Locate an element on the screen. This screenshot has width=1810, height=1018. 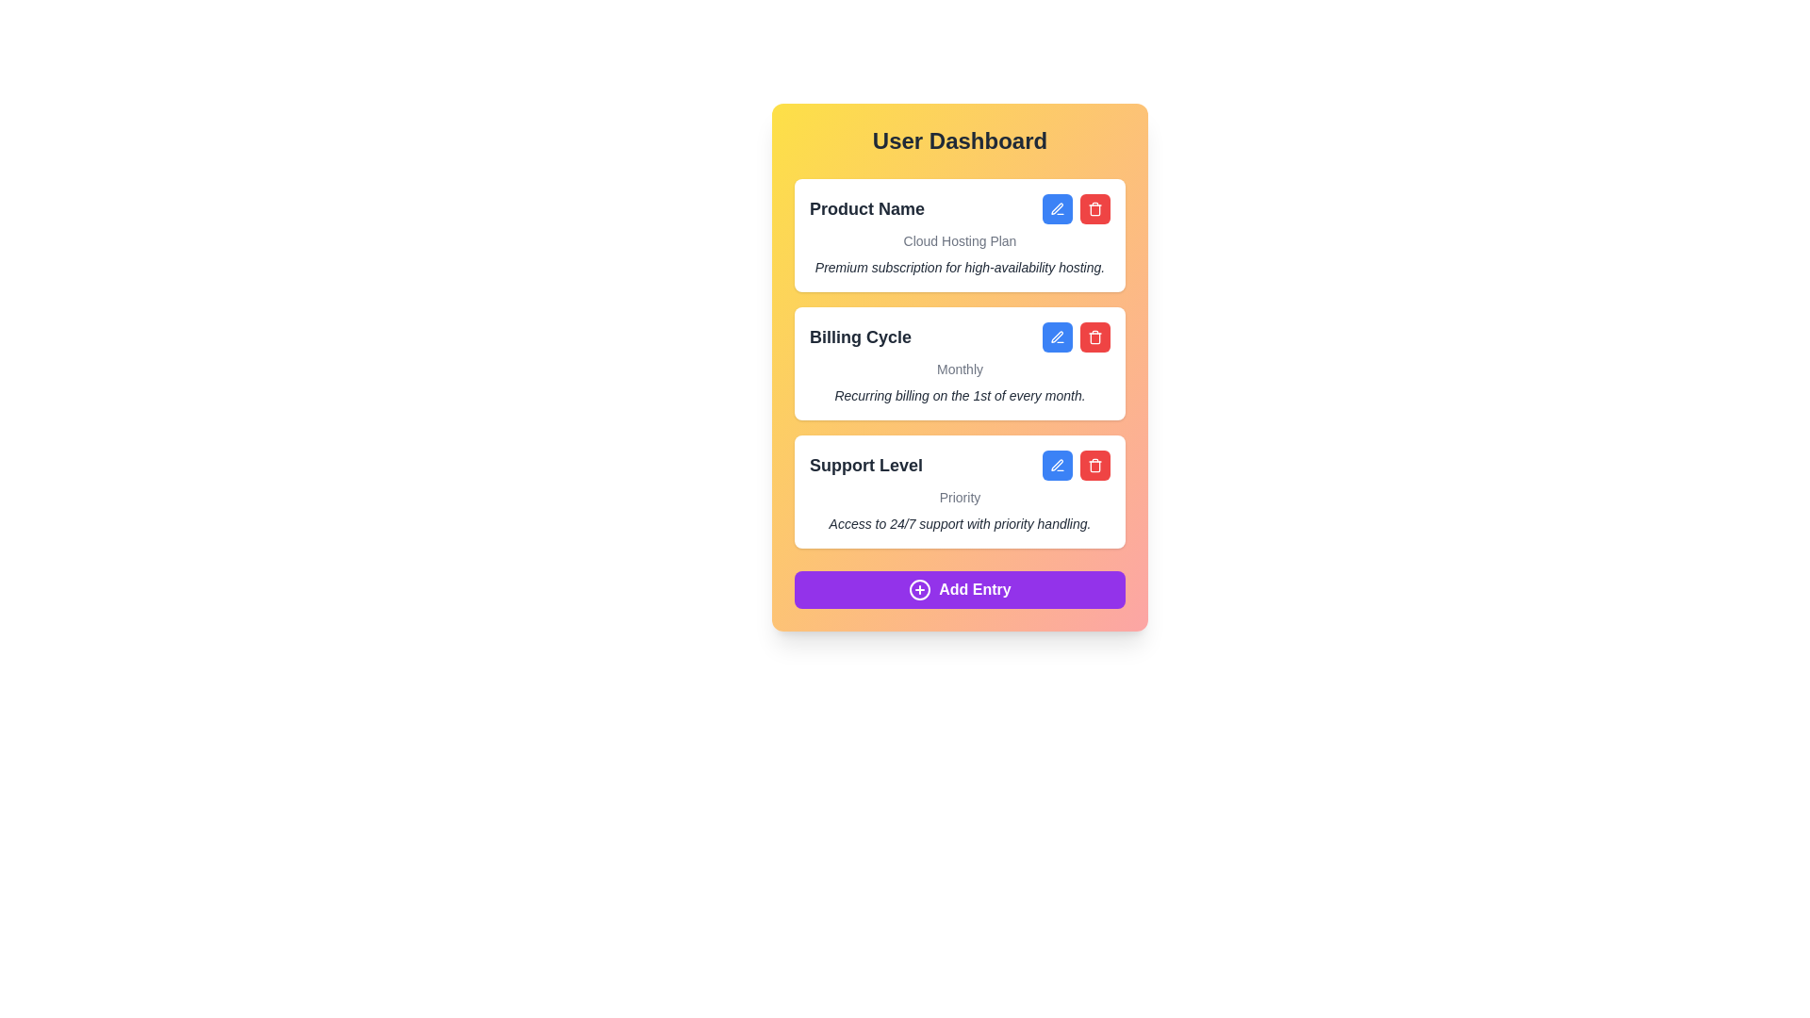
the informational card displaying the billing cycle details, which is located between the 'Product Name' and 'Support Level' sections in the 'User Dashboard.' is located at coordinates (960, 363).